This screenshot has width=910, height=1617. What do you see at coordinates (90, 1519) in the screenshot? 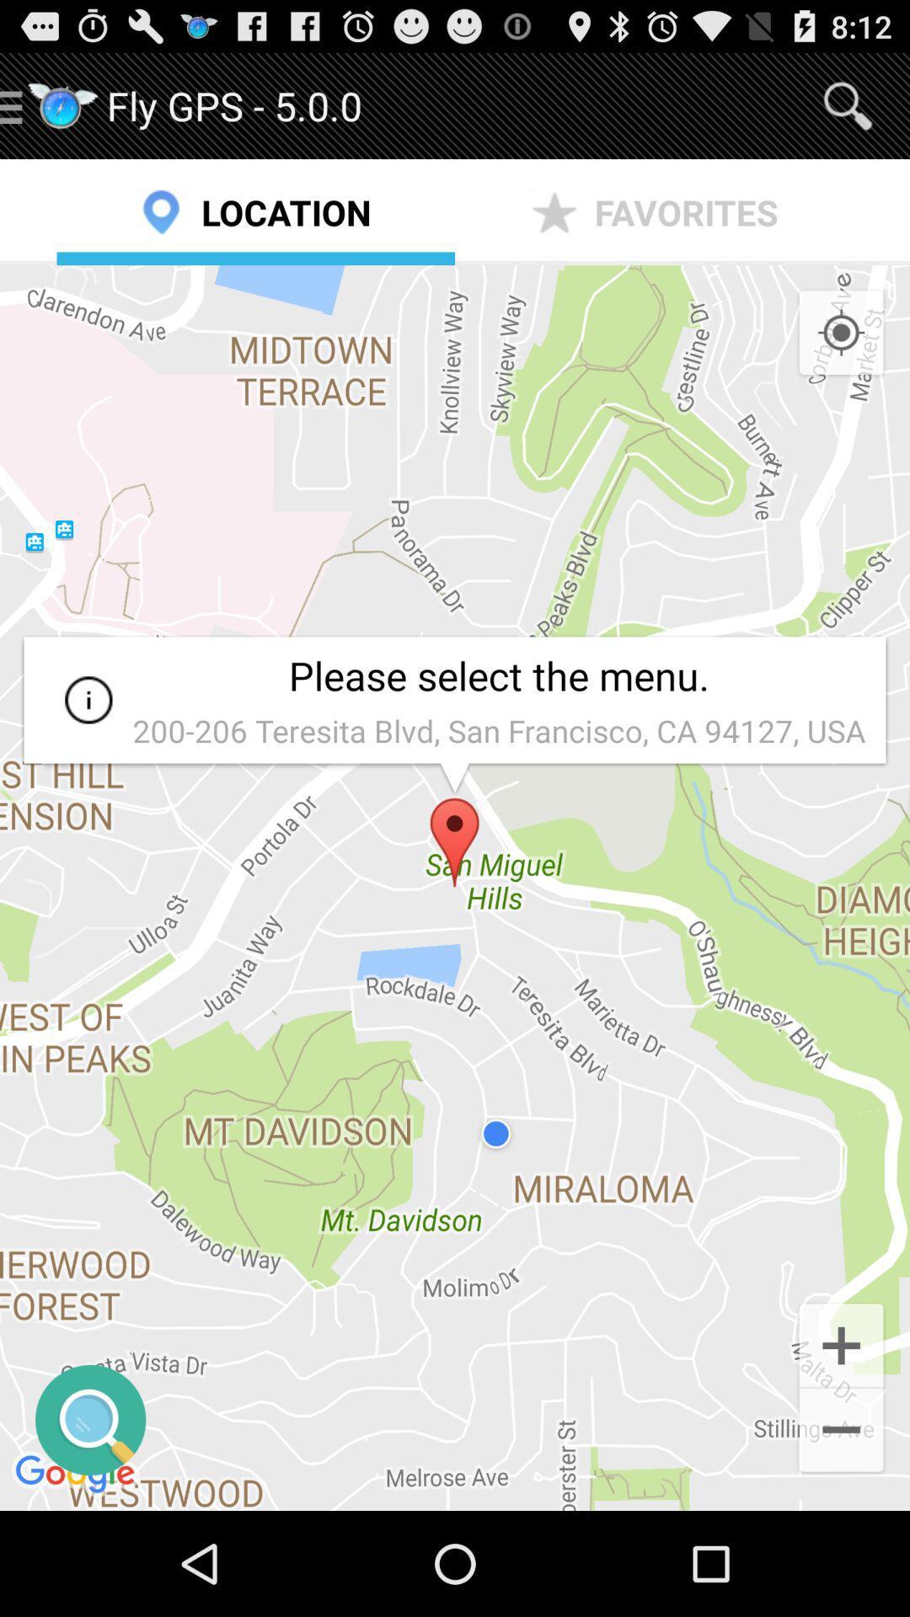
I see `the search icon` at bounding box center [90, 1519].